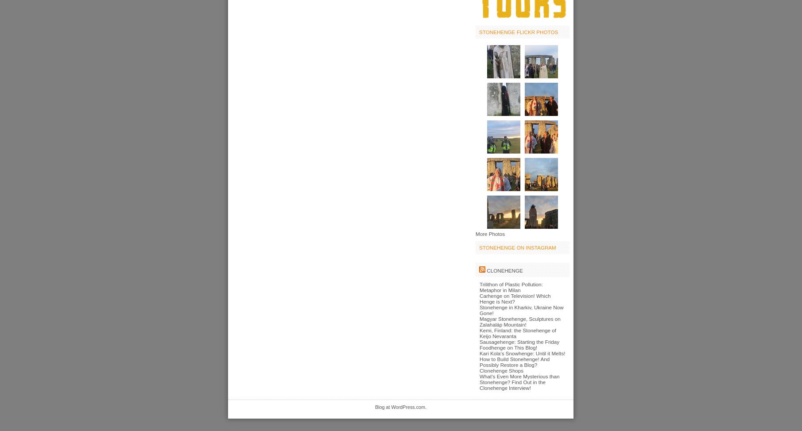 Image resolution: width=802 pixels, height=431 pixels. I want to click on 'Clonehenge Shops', so click(501, 370).